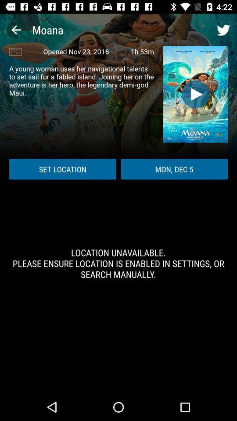 The image size is (237, 421). Describe the element at coordinates (81, 81) in the screenshot. I see `icon above the set location icon` at that location.